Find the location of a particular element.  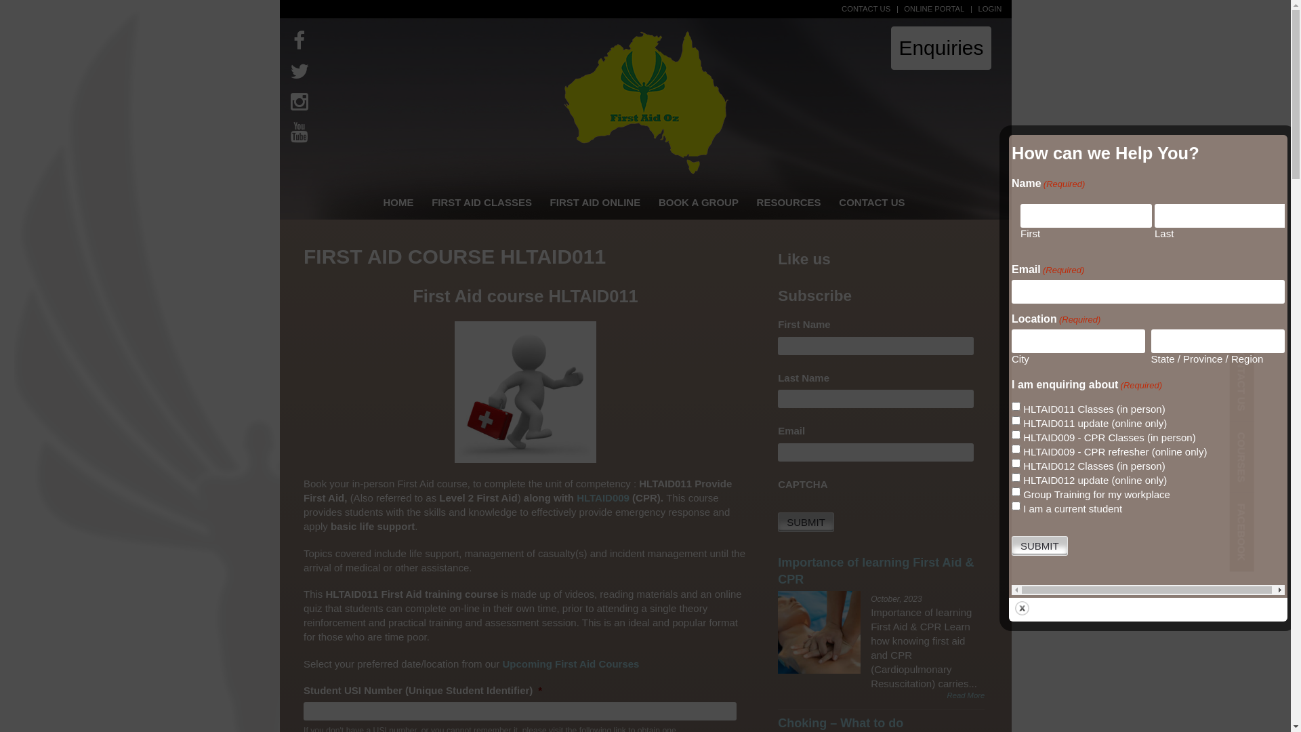

'CONTACT US' is located at coordinates (863, 8).